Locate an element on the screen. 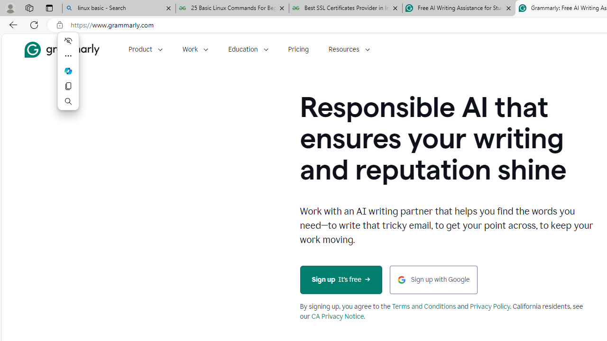 The width and height of the screenshot is (607, 341). 'linux basic - Search' is located at coordinates (118, 8).